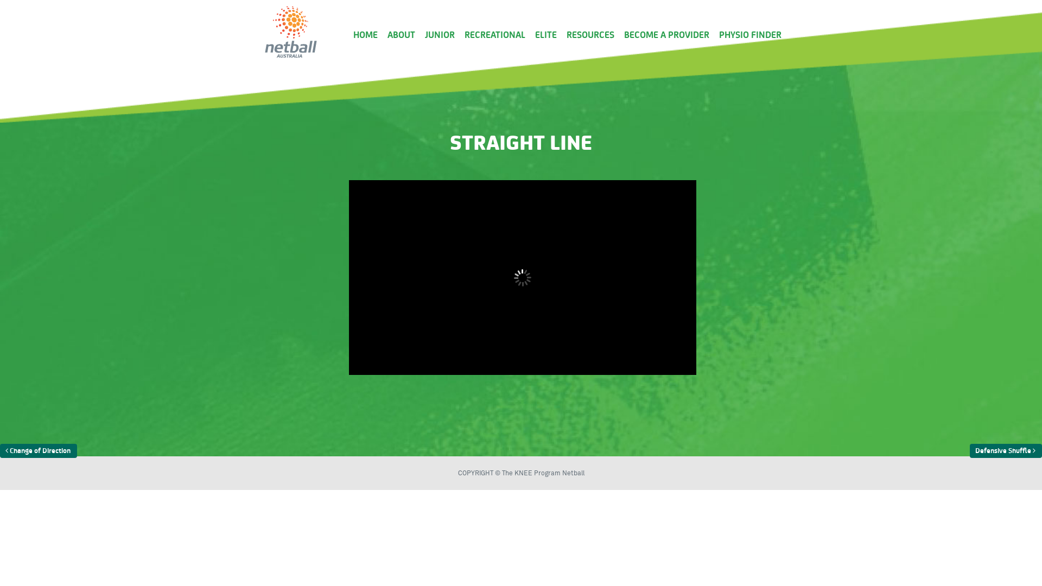 This screenshot has height=586, width=1042. I want to click on 'Change of Direction', so click(39, 450).